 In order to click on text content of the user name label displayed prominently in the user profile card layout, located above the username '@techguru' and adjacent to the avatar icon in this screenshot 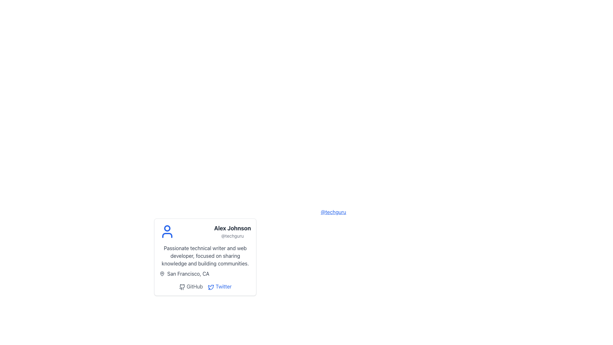, I will do `click(232, 228)`.